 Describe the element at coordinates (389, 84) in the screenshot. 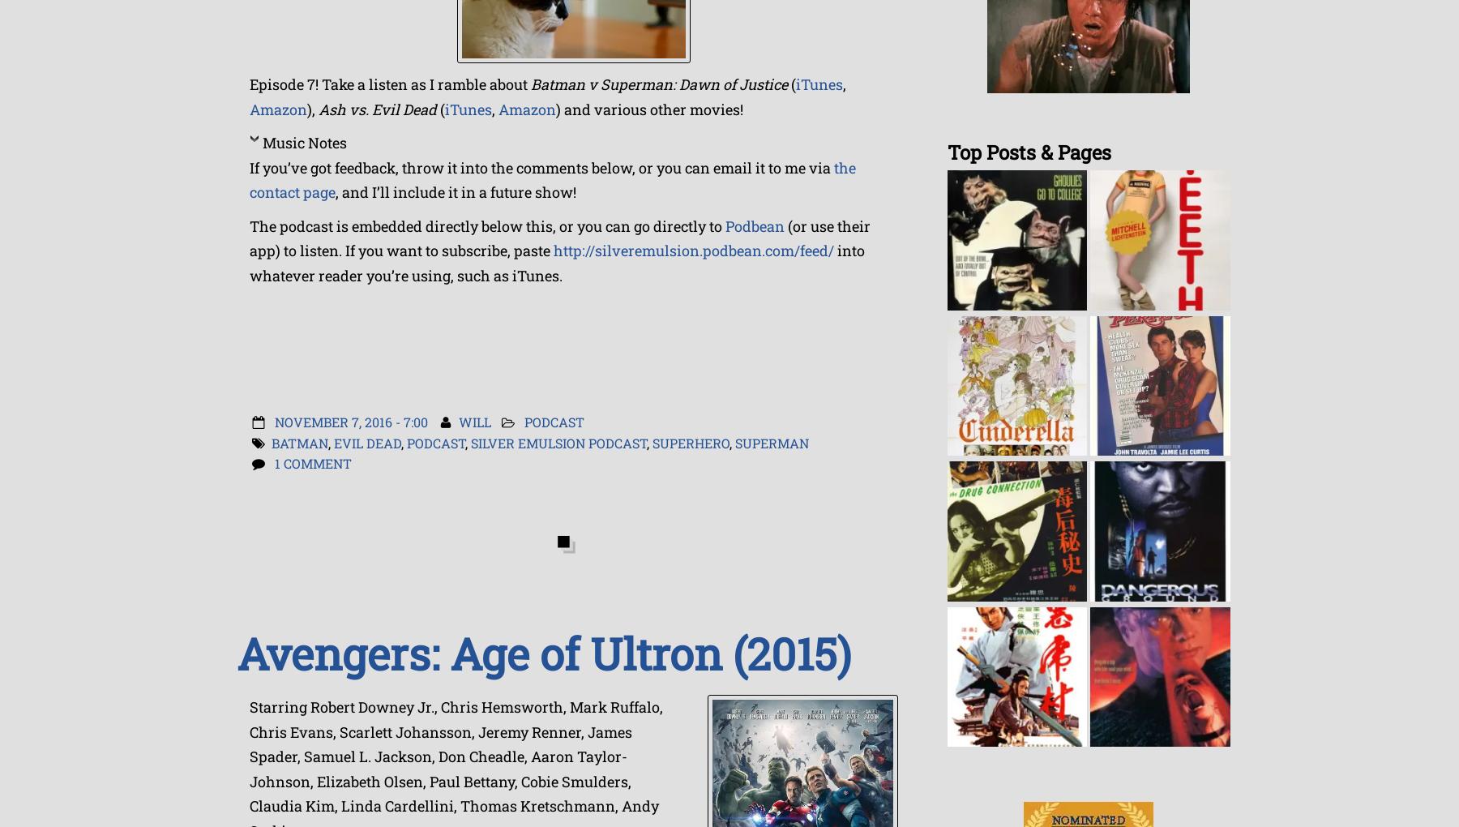

I see `'Episode 7! Take a listen as I ramble about'` at that location.